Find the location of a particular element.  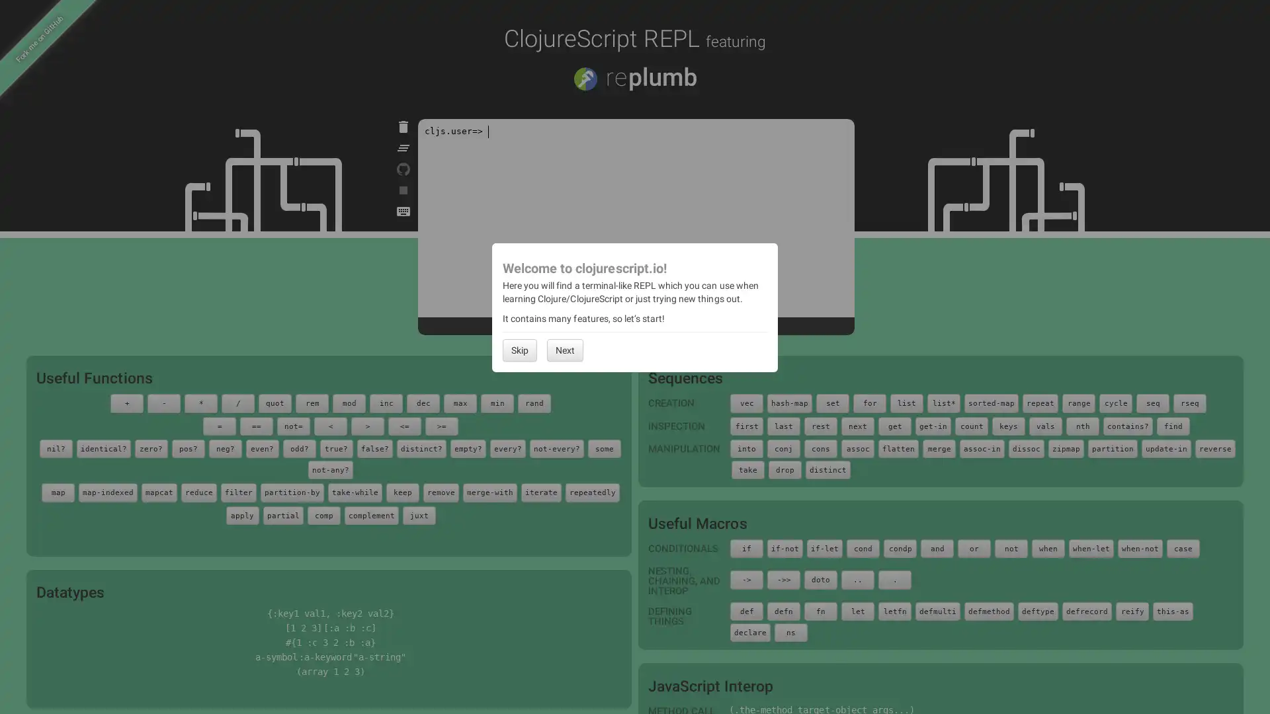

when is located at coordinates (1047, 548).